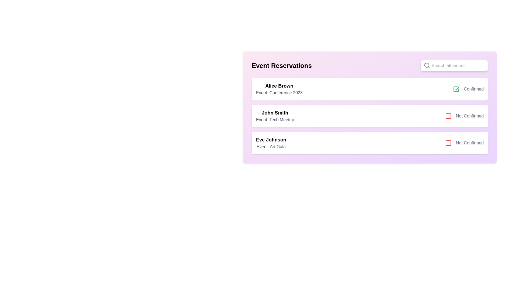 The width and height of the screenshot is (518, 291). What do you see at coordinates (448, 116) in the screenshot?
I see `'Not Confirmed' status icon in the second row of the 'Event Reservations' list for detailed information` at bounding box center [448, 116].